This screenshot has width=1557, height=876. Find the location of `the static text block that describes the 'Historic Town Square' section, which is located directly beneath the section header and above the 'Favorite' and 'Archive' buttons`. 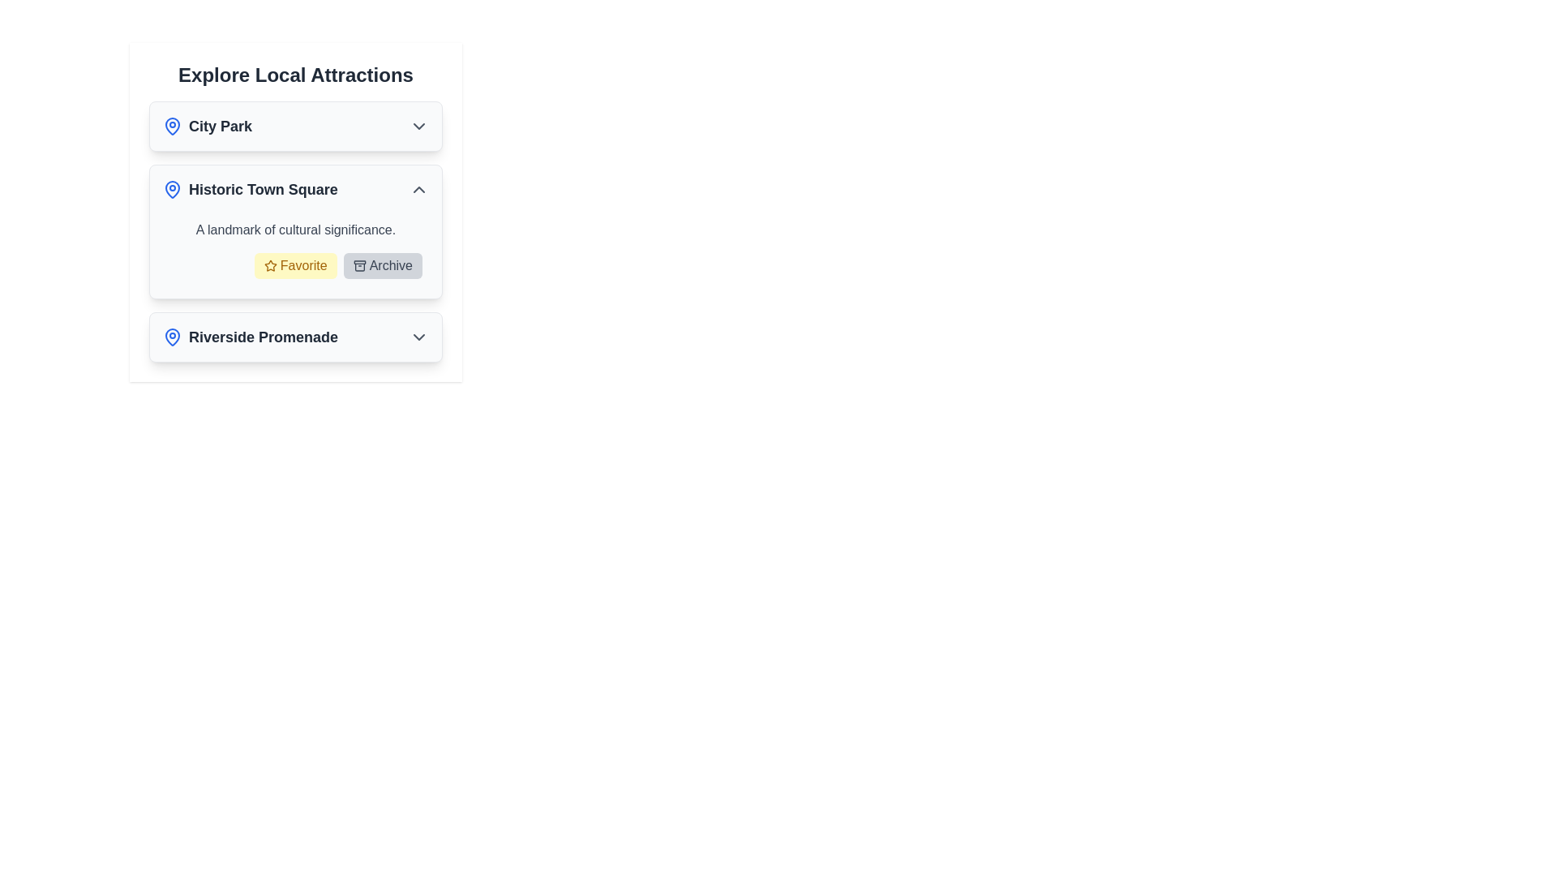

the static text block that describes the 'Historic Town Square' section, which is located directly beneath the section header and above the 'Favorite' and 'Archive' buttons is located at coordinates (295, 230).